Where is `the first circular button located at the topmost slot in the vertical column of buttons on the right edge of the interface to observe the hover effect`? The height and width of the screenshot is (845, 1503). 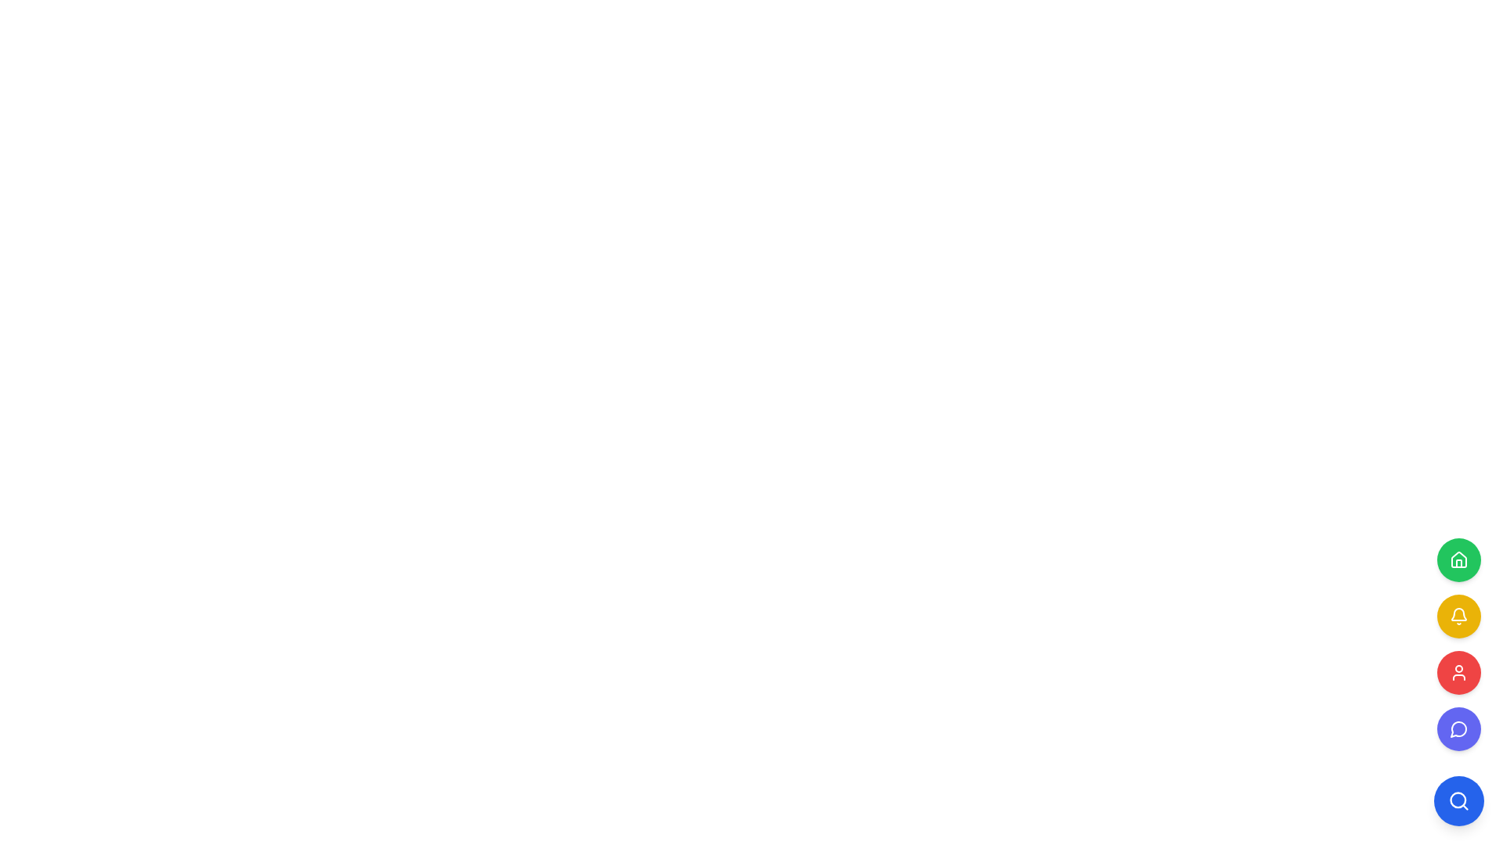 the first circular button located at the topmost slot in the vertical column of buttons on the right edge of the interface to observe the hover effect is located at coordinates (1458, 559).